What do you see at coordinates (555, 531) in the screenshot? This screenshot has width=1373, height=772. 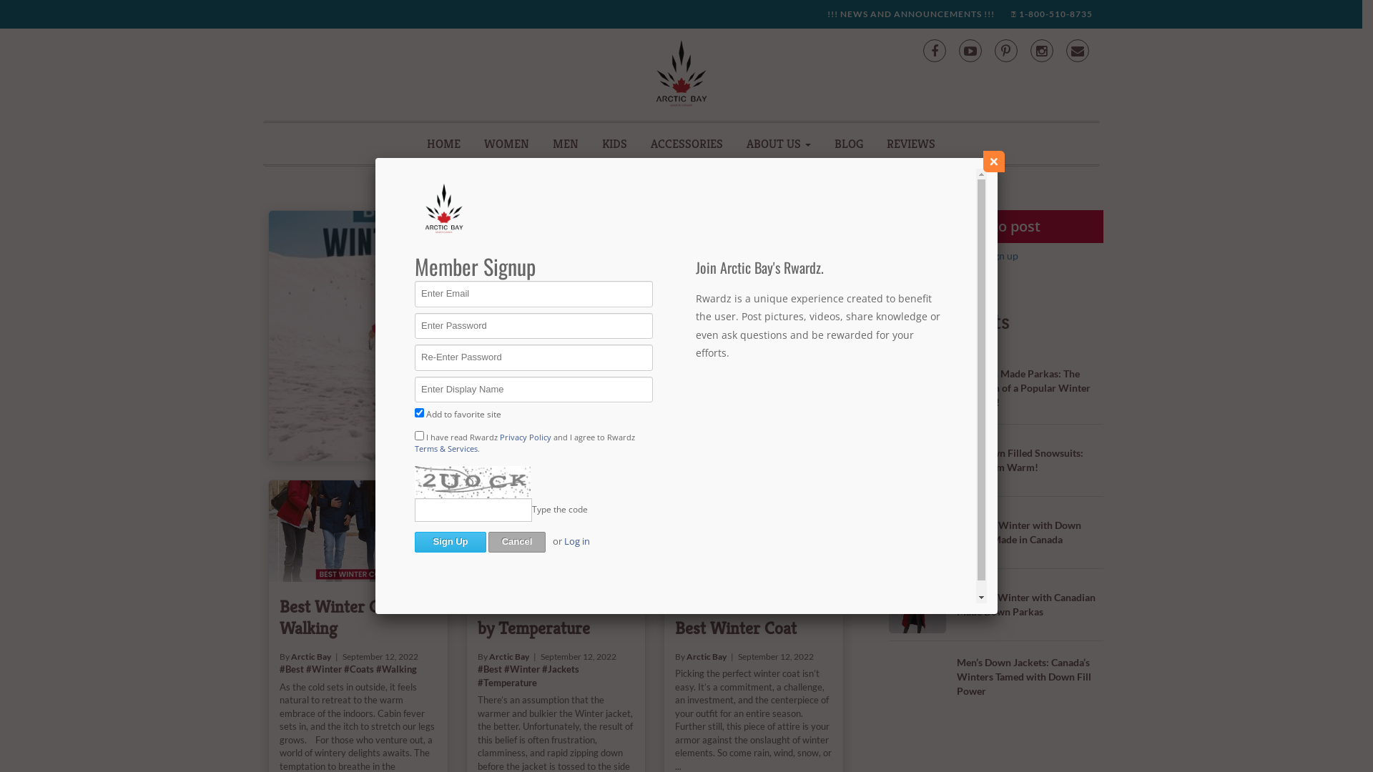 I see `'Best Winter Jackets by Temperature'` at bounding box center [555, 531].